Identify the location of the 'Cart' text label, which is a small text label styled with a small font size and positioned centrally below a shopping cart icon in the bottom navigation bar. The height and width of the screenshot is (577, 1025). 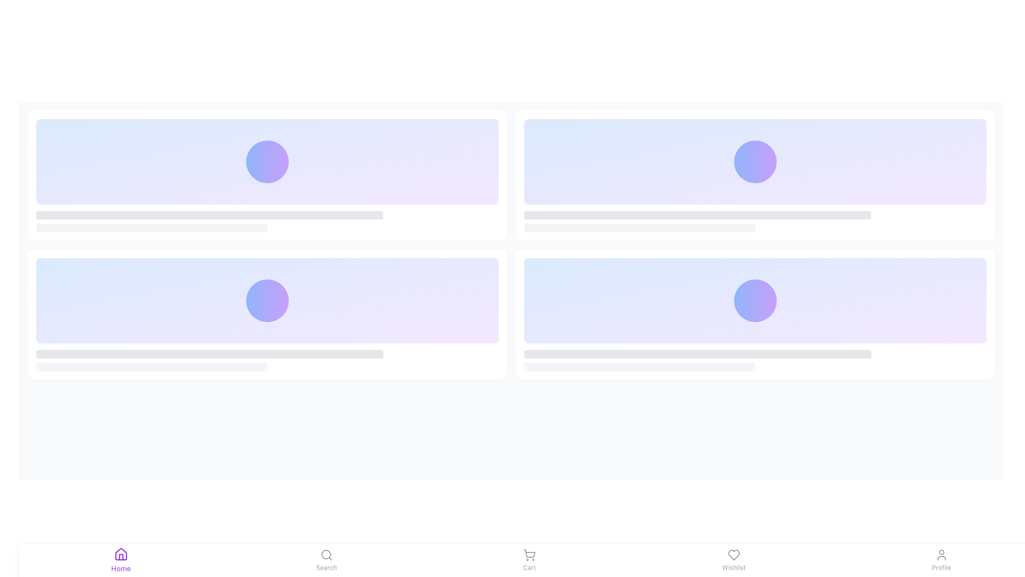
(529, 567).